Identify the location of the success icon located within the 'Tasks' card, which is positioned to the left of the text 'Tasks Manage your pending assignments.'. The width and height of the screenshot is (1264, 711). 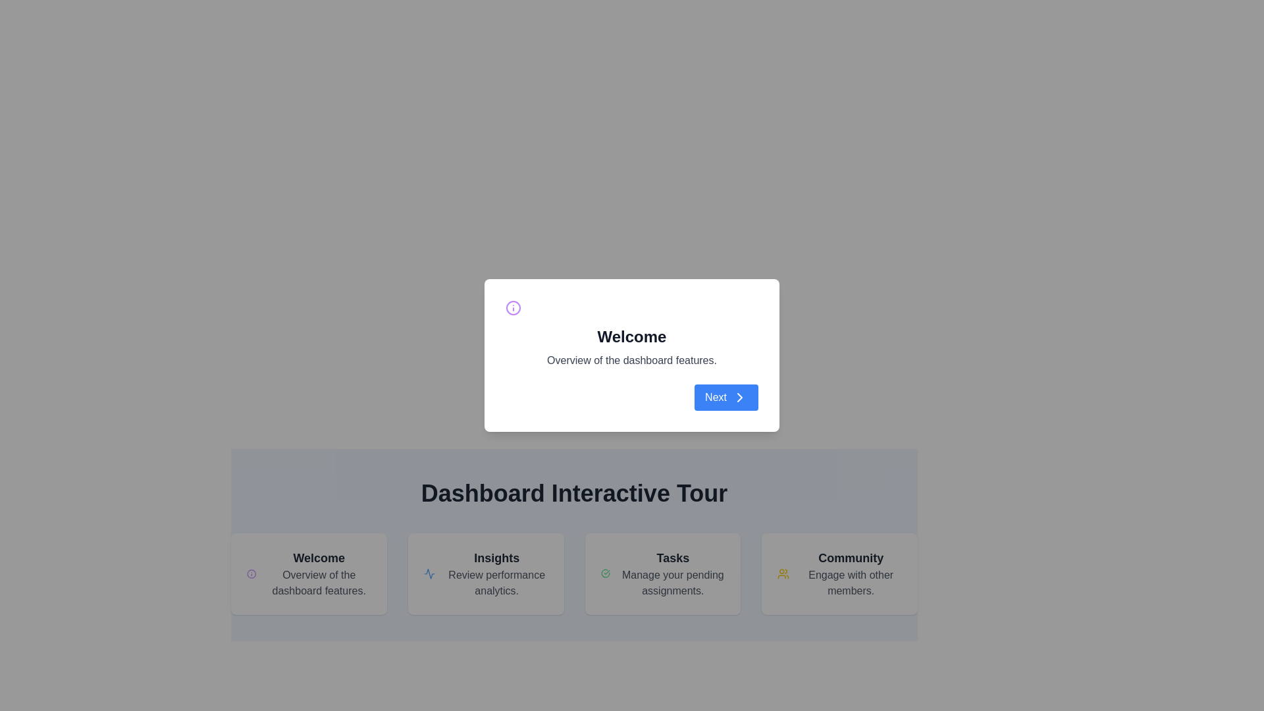
(605, 573).